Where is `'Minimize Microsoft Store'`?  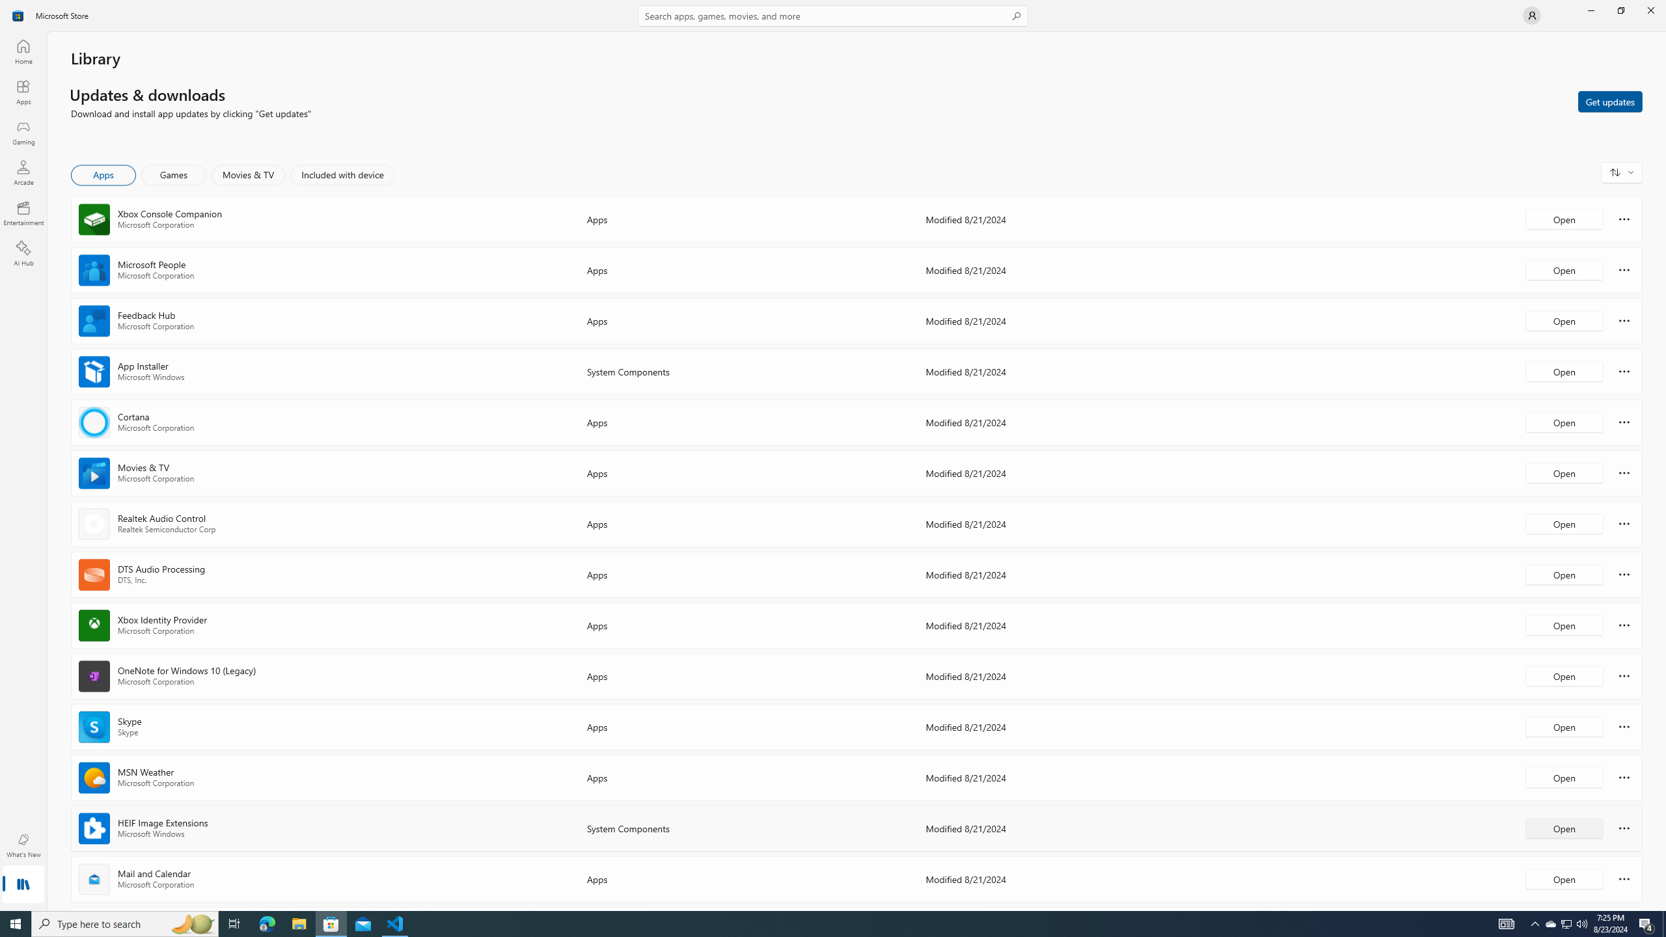
'Minimize Microsoft Store' is located at coordinates (1590, 10).